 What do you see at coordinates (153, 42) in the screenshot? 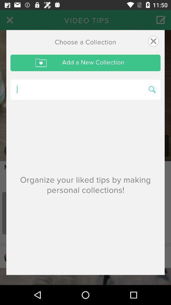
I see `the close icon` at bounding box center [153, 42].